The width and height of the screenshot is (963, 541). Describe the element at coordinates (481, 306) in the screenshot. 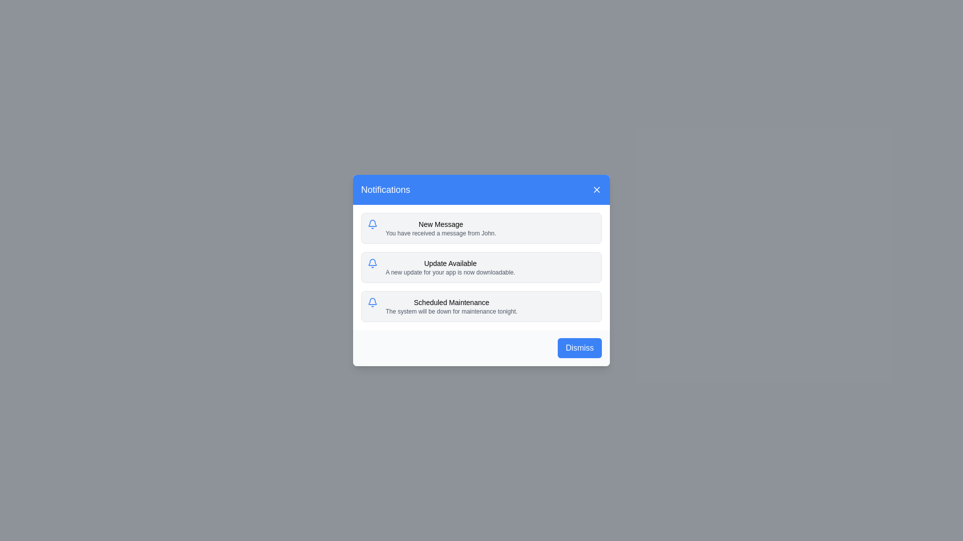

I see `the third notification card in the 'Notifications' dialog box that contains the title 'Scheduled Maintenance' and a blue bell icon` at that location.